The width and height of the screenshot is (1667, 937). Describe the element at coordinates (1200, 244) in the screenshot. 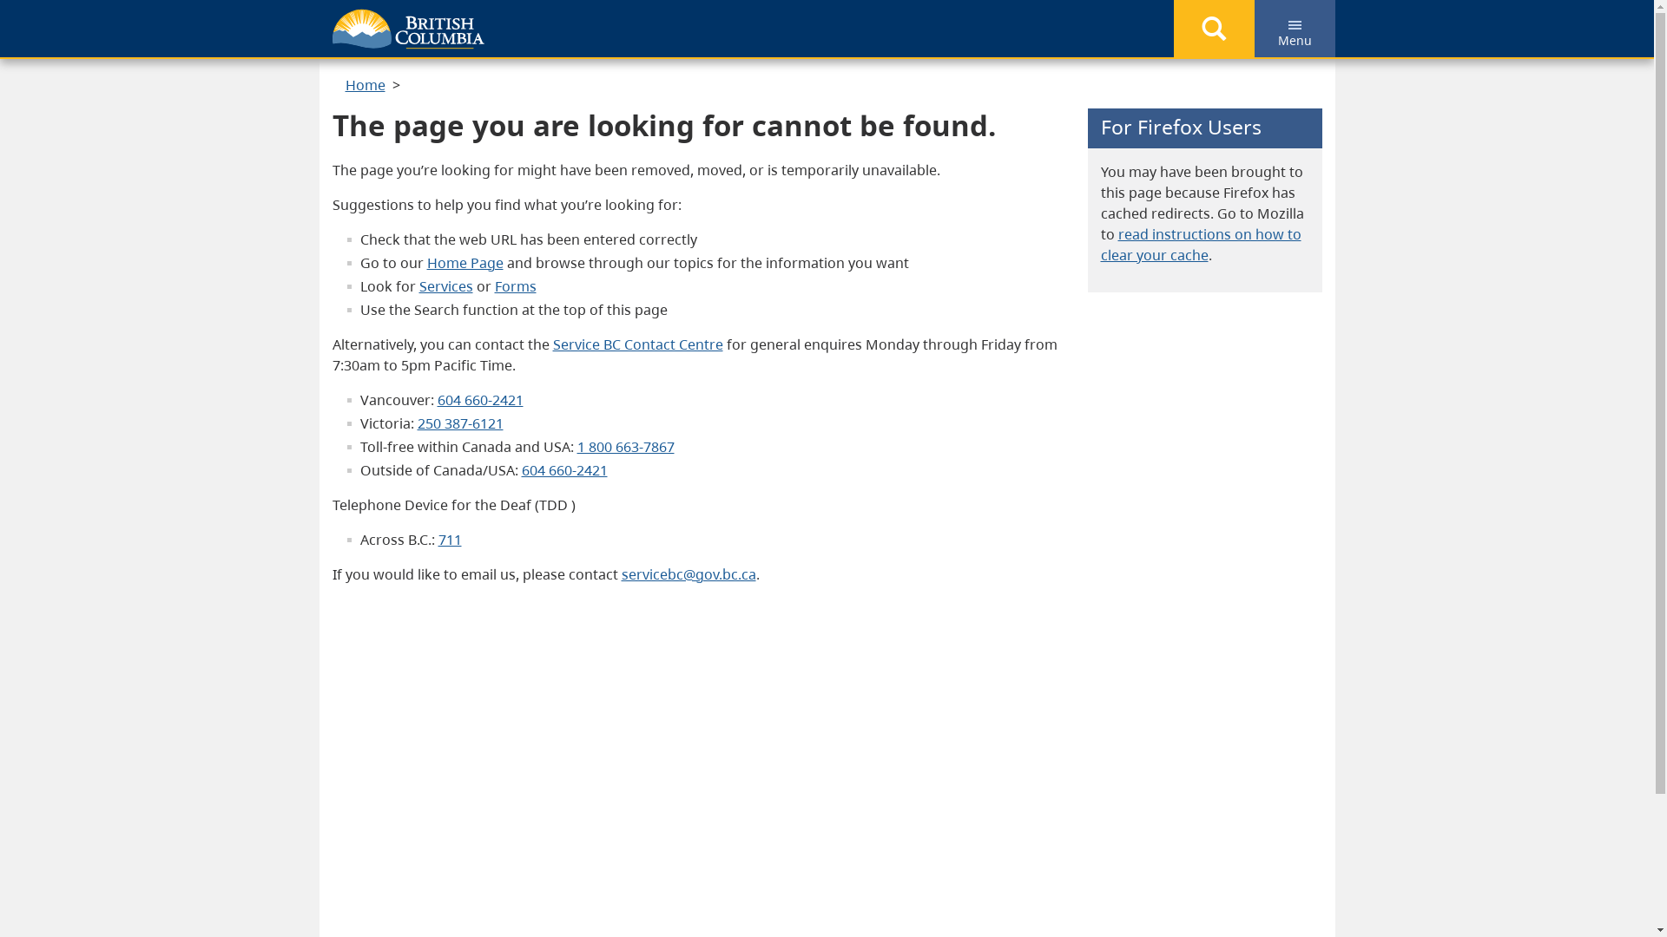

I see `'read instructions on how to clear your cache'` at that location.